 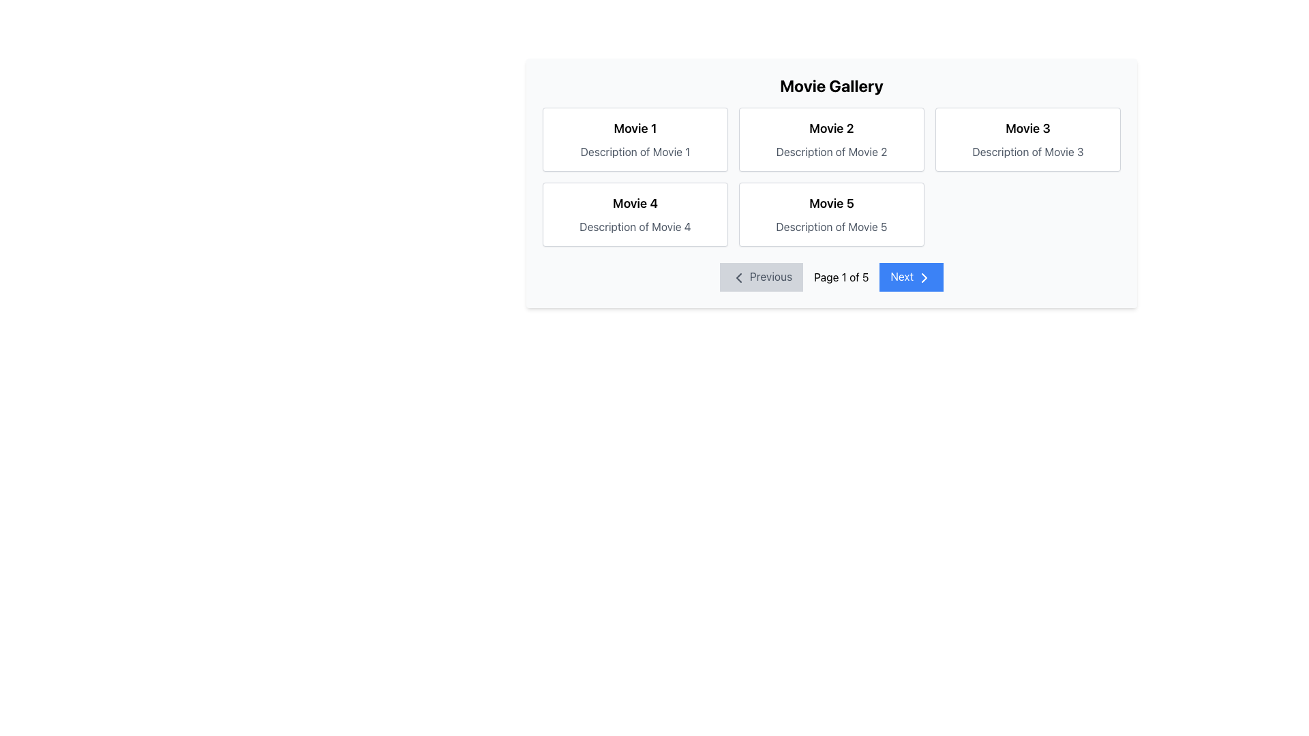 I want to click on the heading text for 'Movie 4' located in the second row, first column of the grid layout, so click(x=634, y=204).